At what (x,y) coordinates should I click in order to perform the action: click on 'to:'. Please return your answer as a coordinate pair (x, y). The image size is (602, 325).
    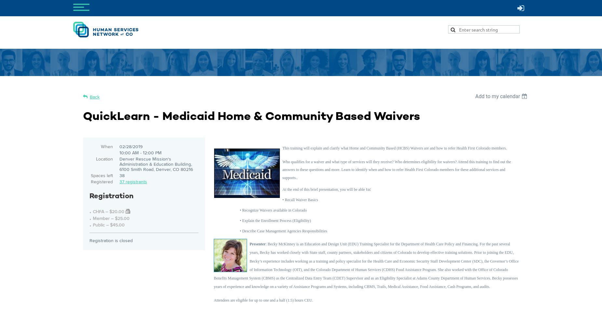
    Looking at the image, I should click on (368, 189).